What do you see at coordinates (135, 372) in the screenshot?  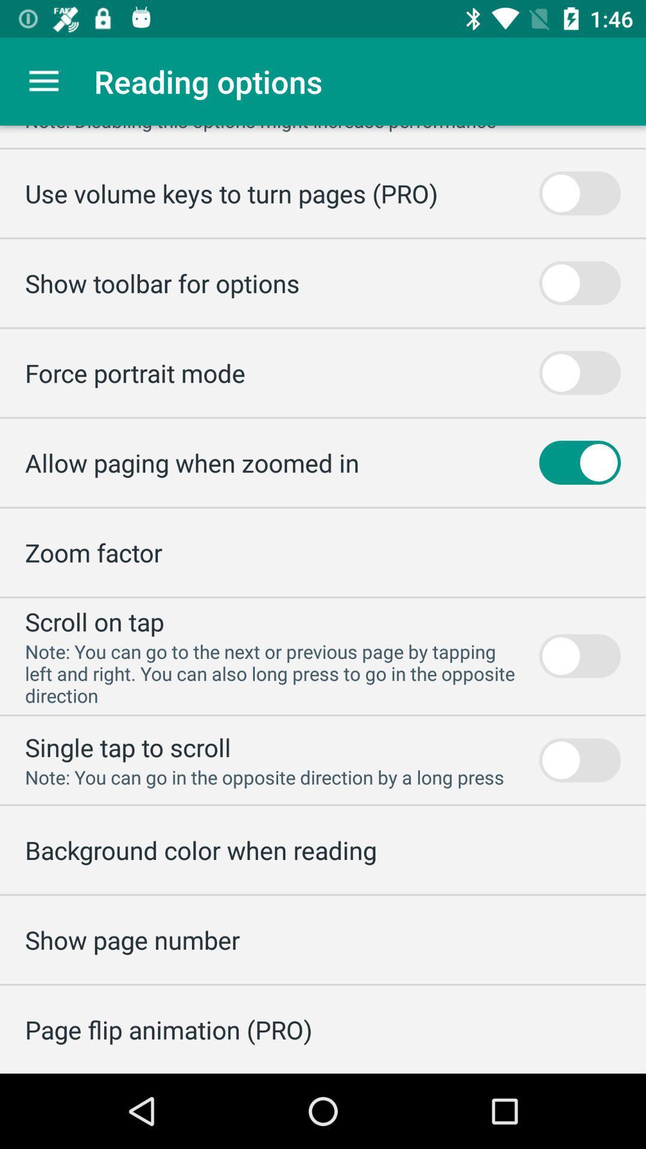 I see `icon below the show toolbar for` at bounding box center [135, 372].